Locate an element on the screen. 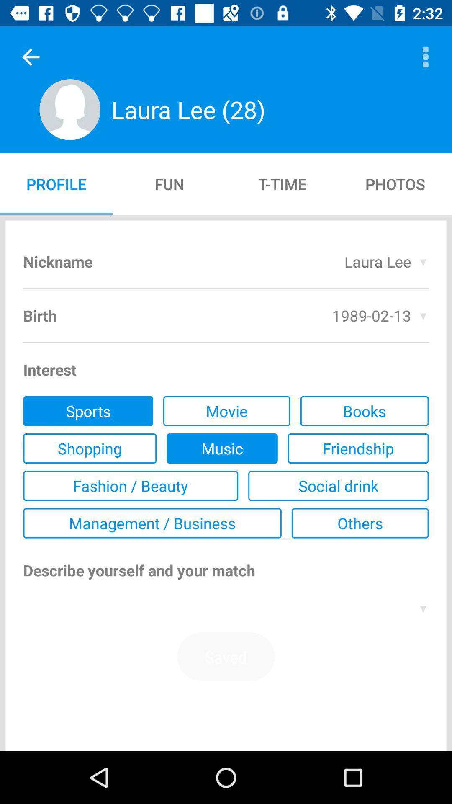 Image resolution: width=452 pixels, height=804 pixels. icon to the left of friendship icon is located at coordinates (222, 448).